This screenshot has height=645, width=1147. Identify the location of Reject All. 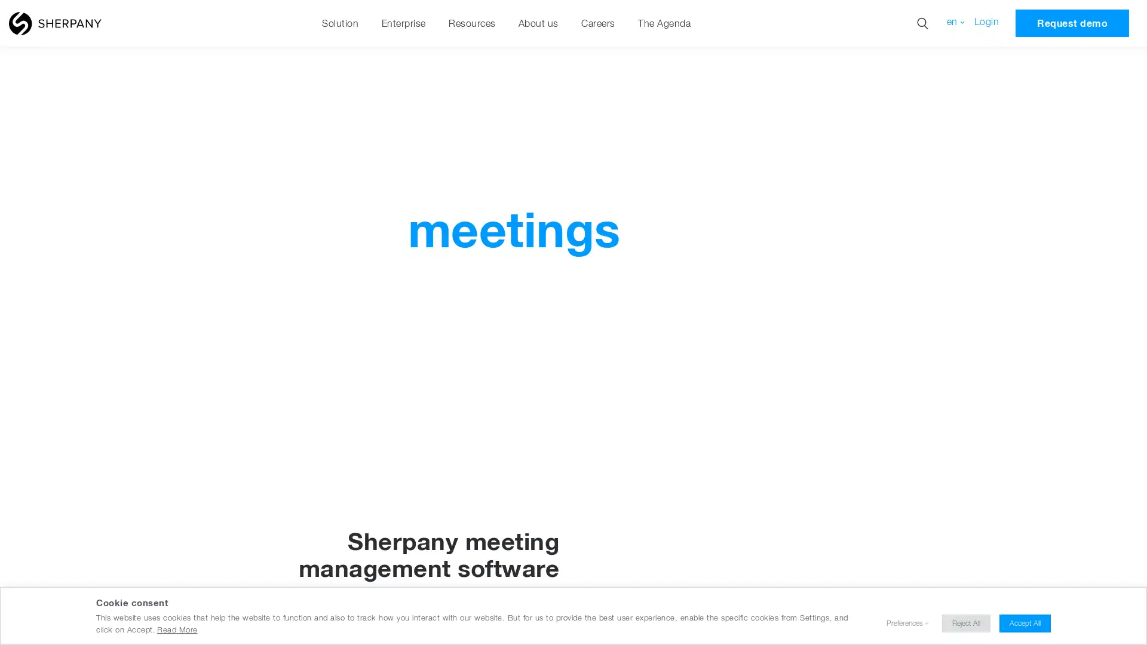
(966, 623).